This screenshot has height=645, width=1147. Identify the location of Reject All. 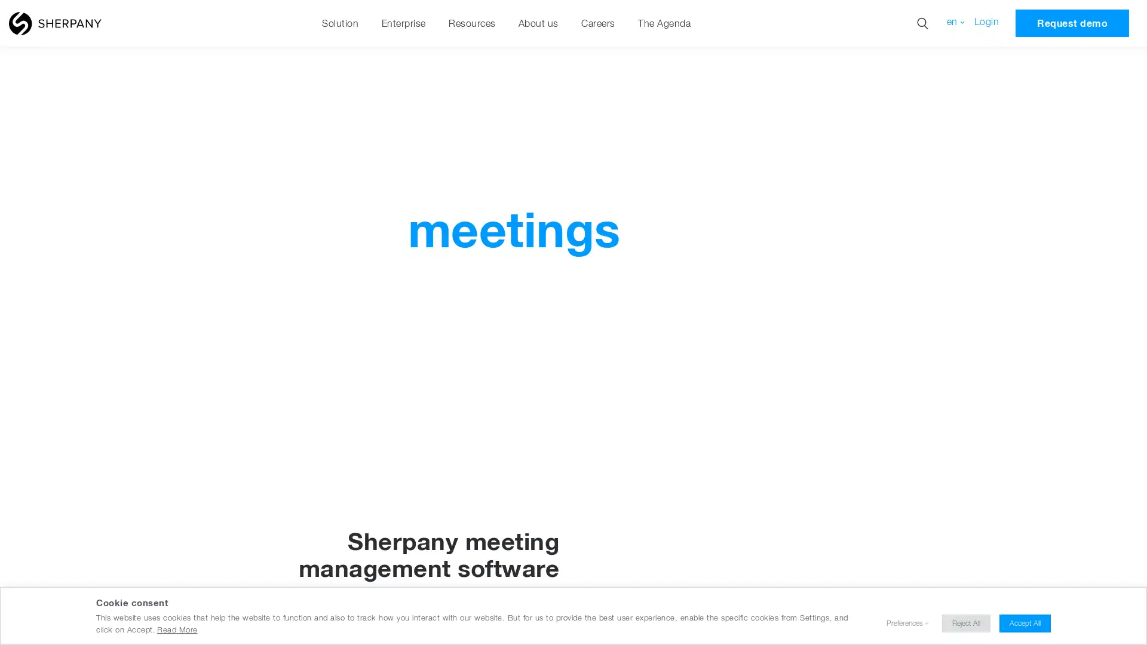
(966, 623).